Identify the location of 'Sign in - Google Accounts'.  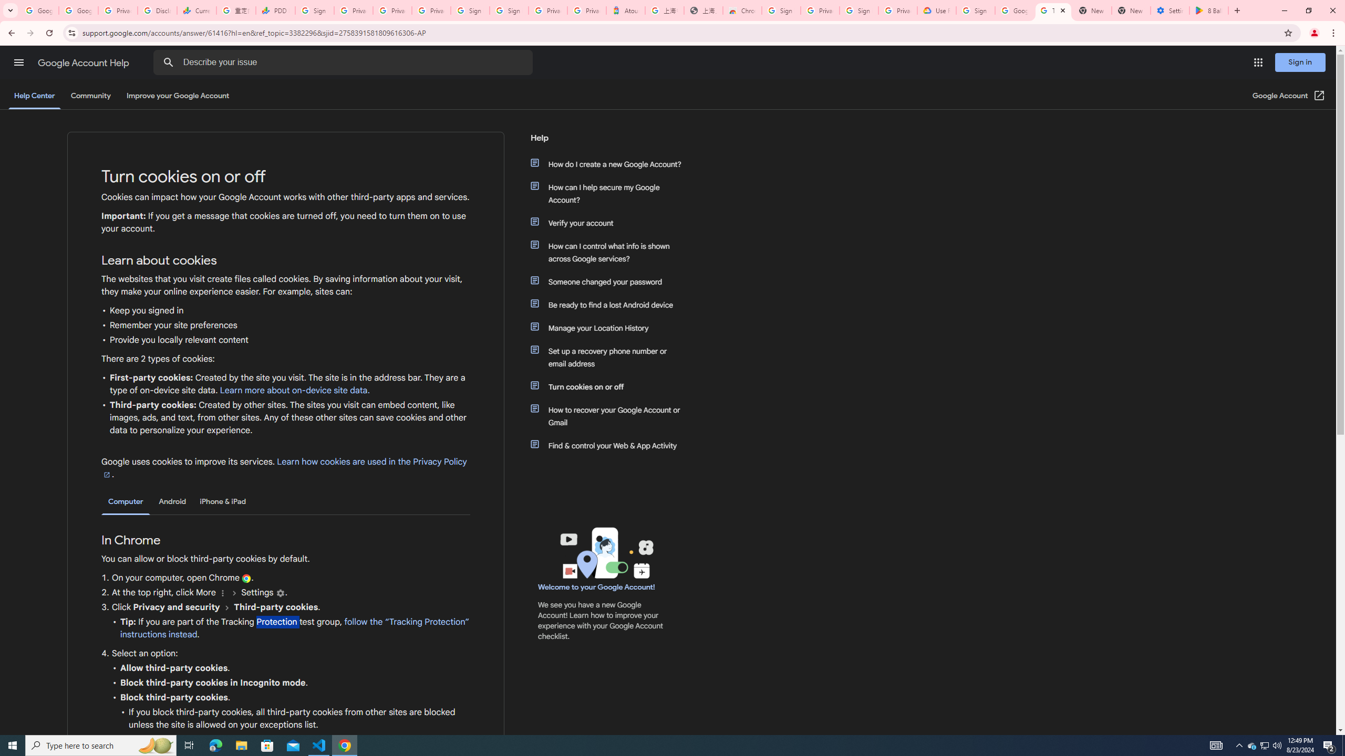
(975, 10).